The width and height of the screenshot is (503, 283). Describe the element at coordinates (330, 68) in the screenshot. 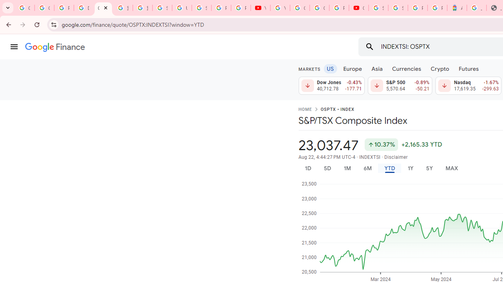

I see `'US'` at that location.